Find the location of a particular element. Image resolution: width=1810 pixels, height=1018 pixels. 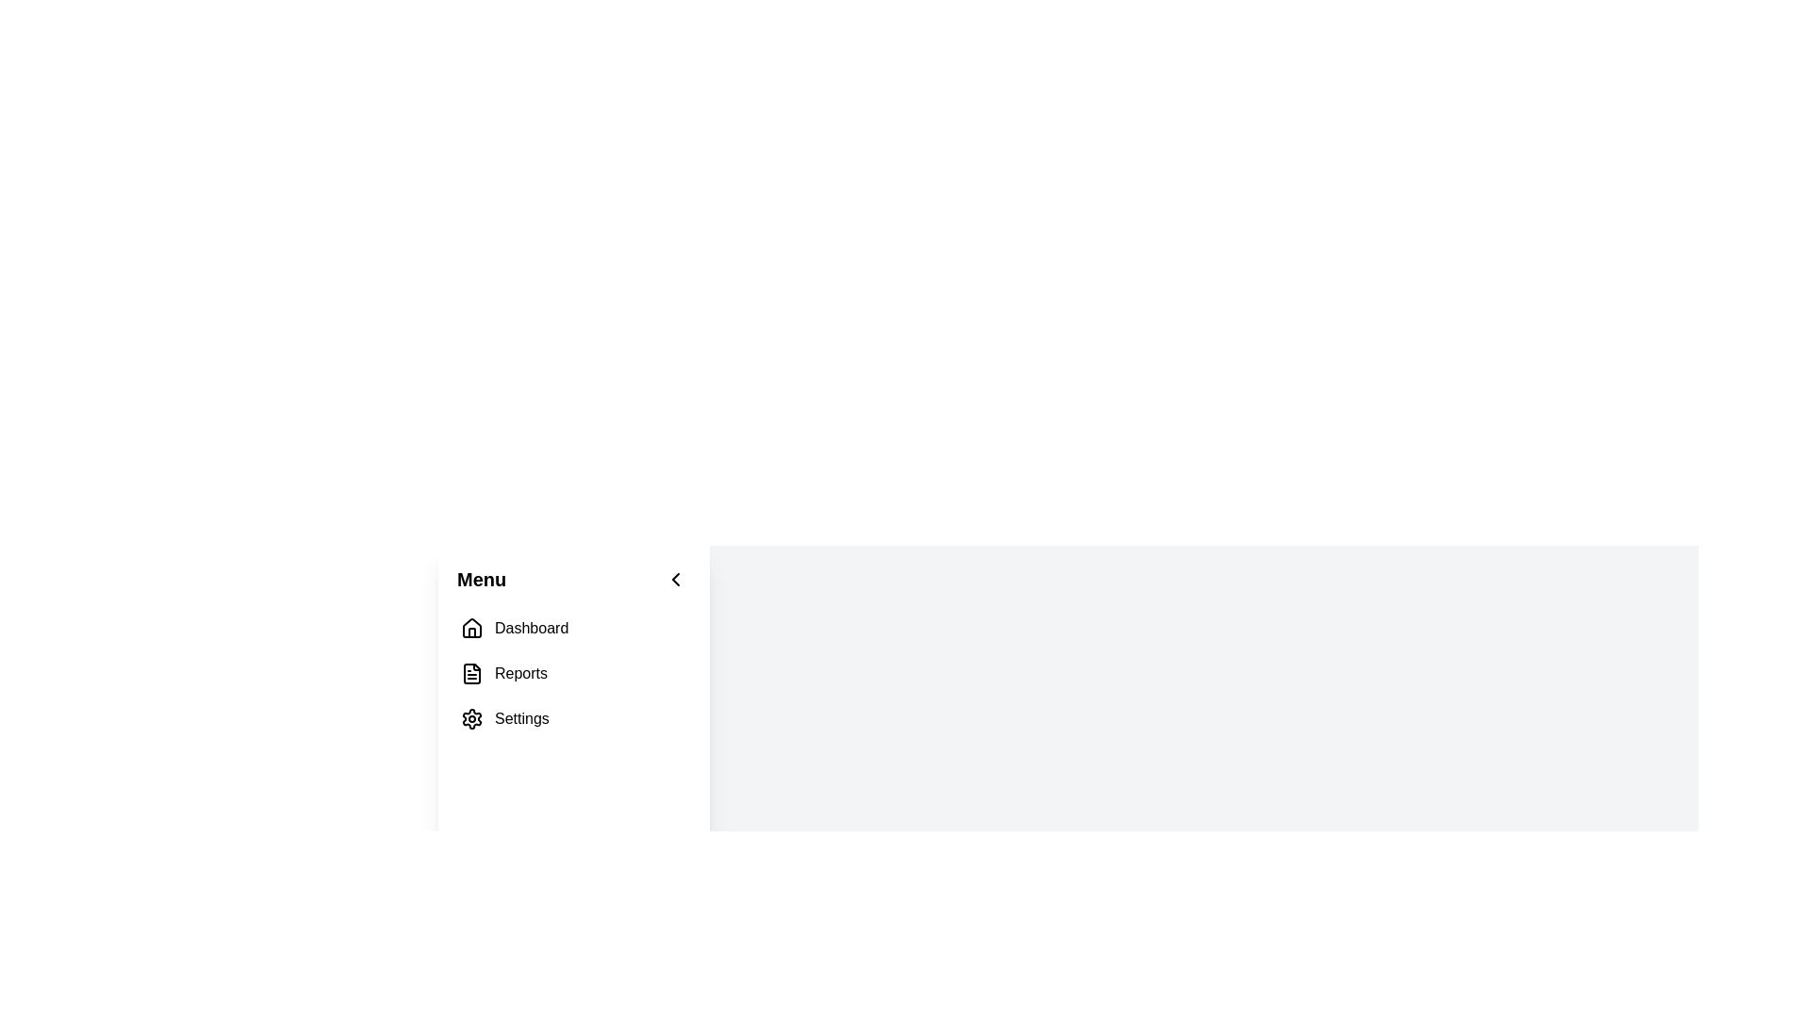

the small house-shaped icon in the vertical navigation menu located next to the 'Dashboard' label is located at coordinates (471, 629).